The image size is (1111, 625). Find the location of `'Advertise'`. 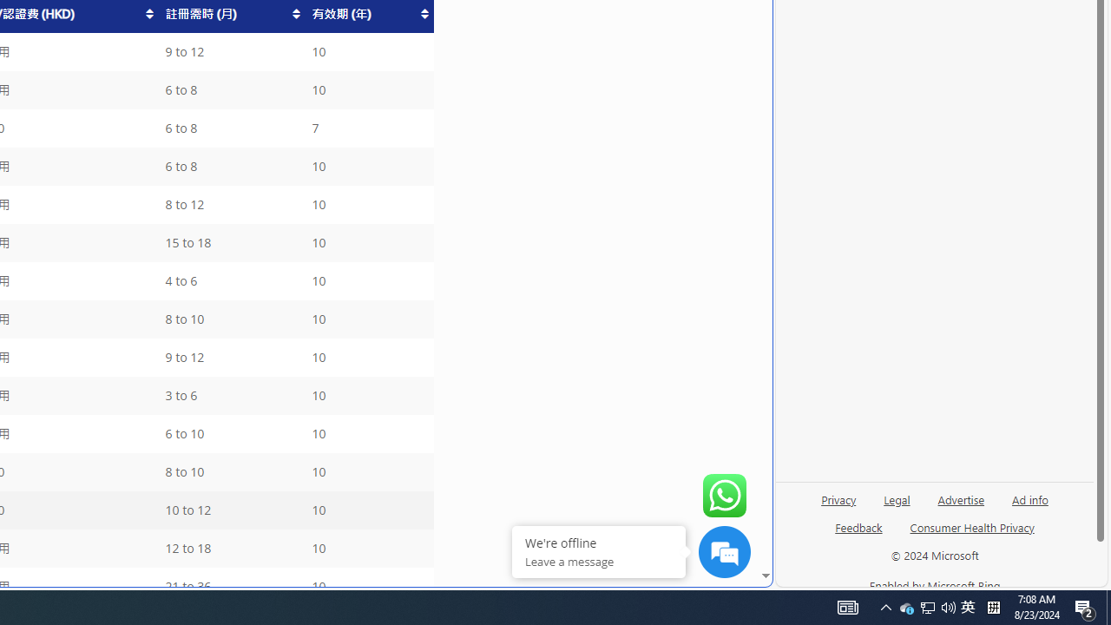

'Advertise' is located at coordinates (960, 506).